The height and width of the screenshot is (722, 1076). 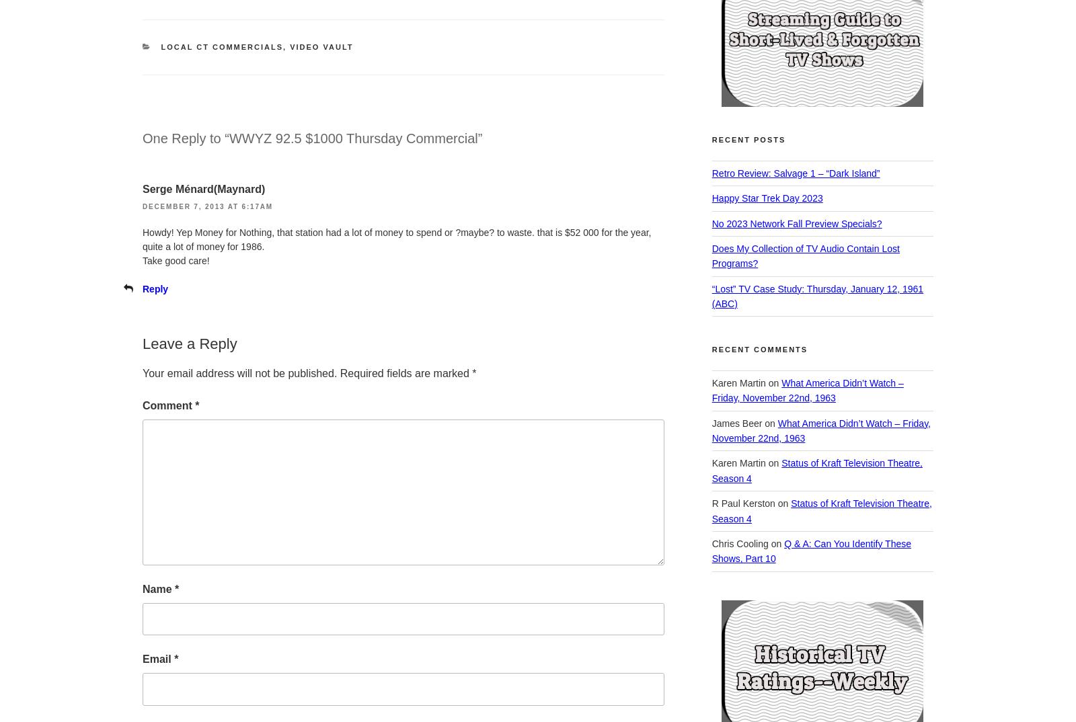 I want to click on 'One Reply to “WWYZ 92.5 $1000 Thursday Commercial”', so click(x=311, y=138).